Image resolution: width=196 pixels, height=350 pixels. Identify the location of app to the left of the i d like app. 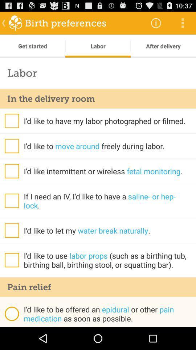
(11, 313).